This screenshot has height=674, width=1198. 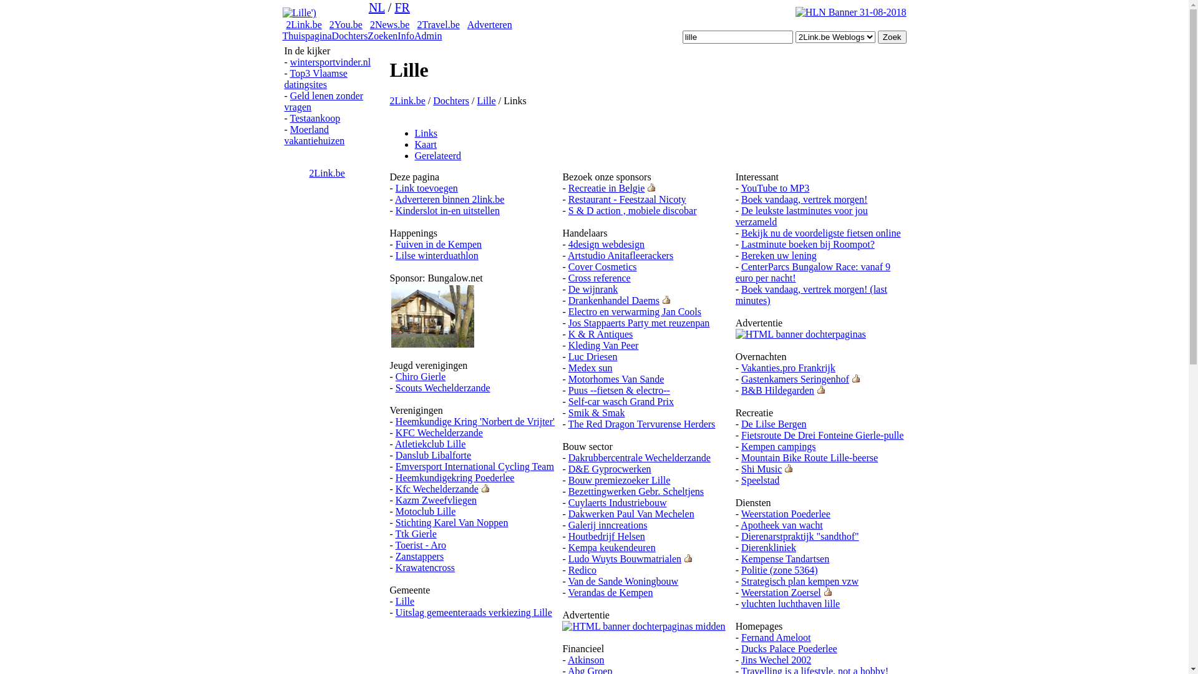 What do you see at coordinates (430, 443) in the screenshot?
I see `'Atletiekclub Lille'` at bounding box center [430, 443].